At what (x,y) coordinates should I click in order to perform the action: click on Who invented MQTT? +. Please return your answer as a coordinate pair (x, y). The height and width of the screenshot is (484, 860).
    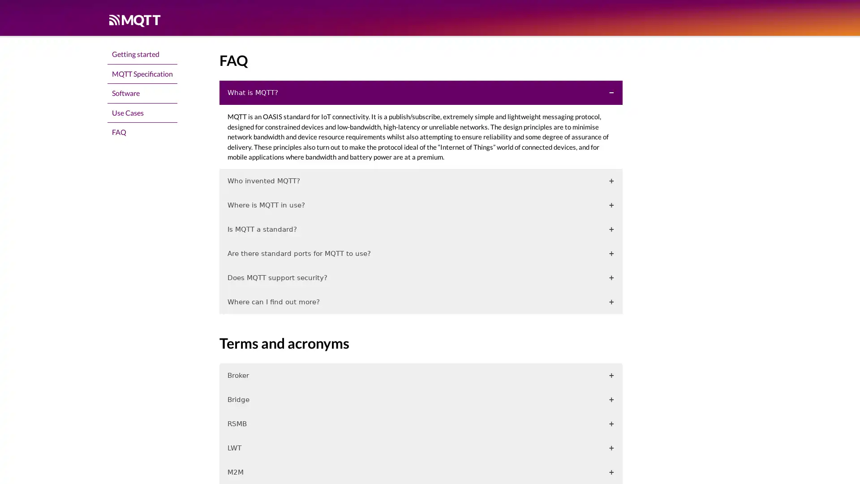
    Looking at the image, I should click on (421, 180).